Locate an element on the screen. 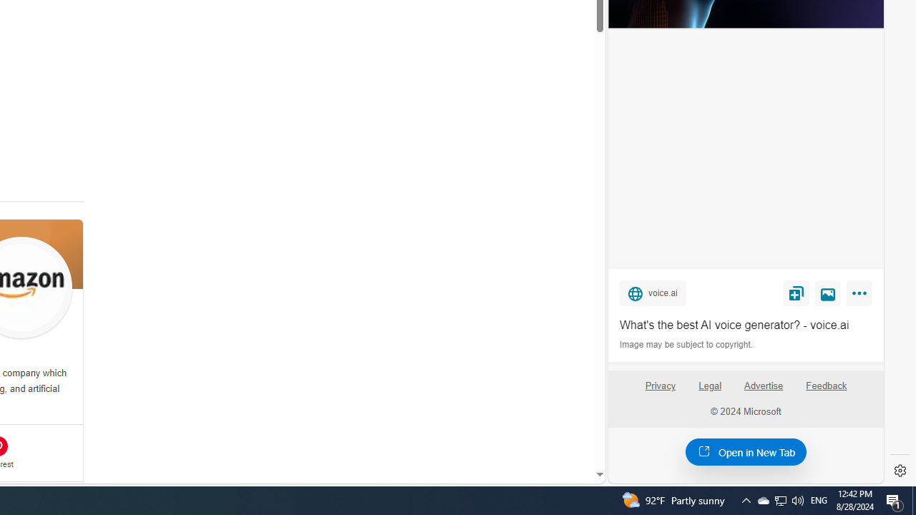  'Save' is located at coordinates (795, 292).